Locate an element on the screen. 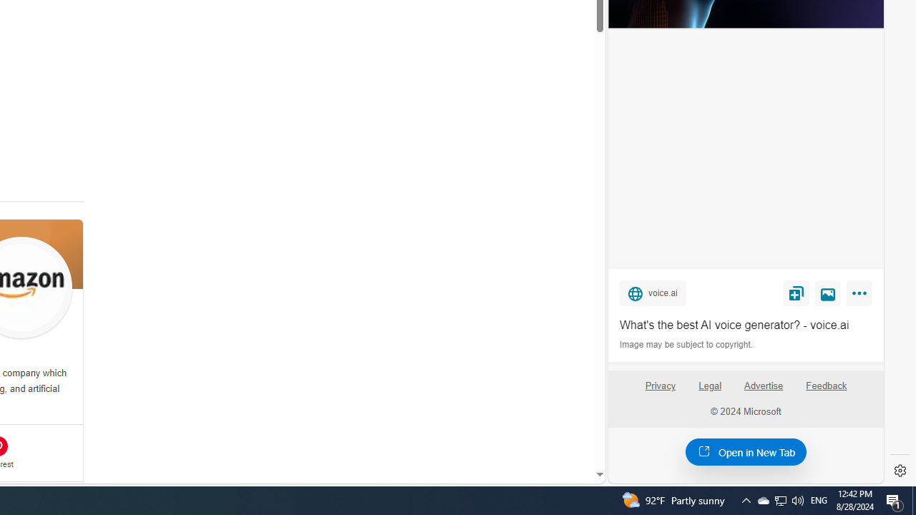  'Save' is located at coordinates (795, 292).